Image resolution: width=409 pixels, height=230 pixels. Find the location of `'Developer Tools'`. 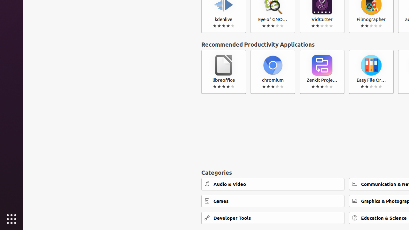

'Developer Tools' is located at coordinates (273, 218).